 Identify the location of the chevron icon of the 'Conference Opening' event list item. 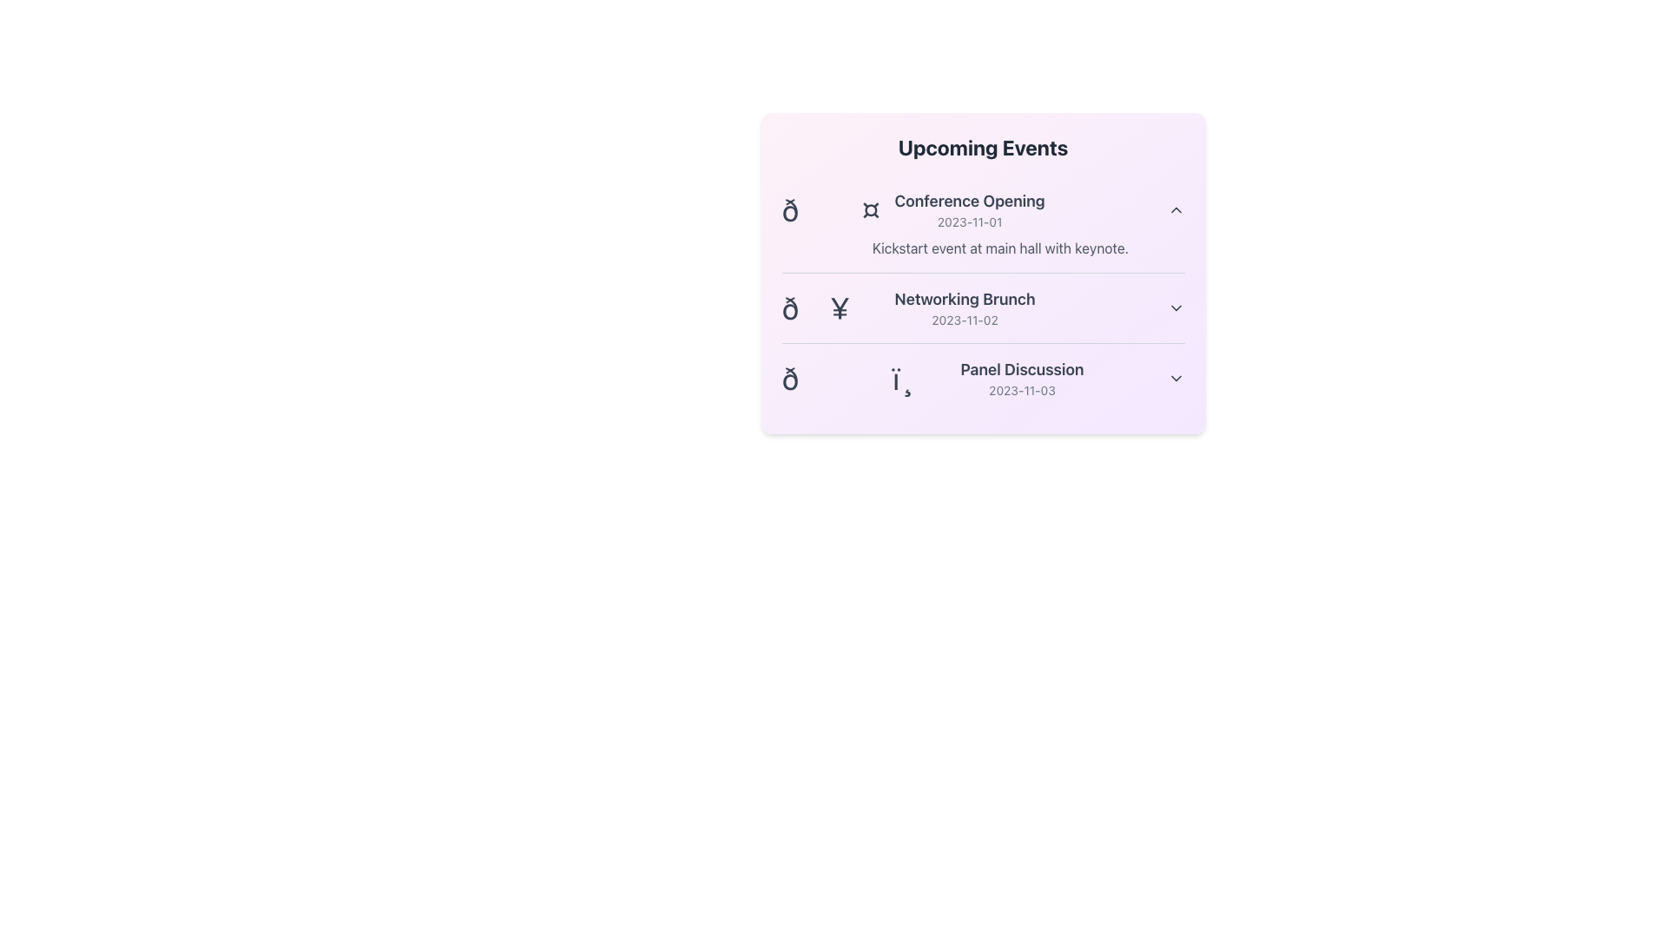
(983, 223).